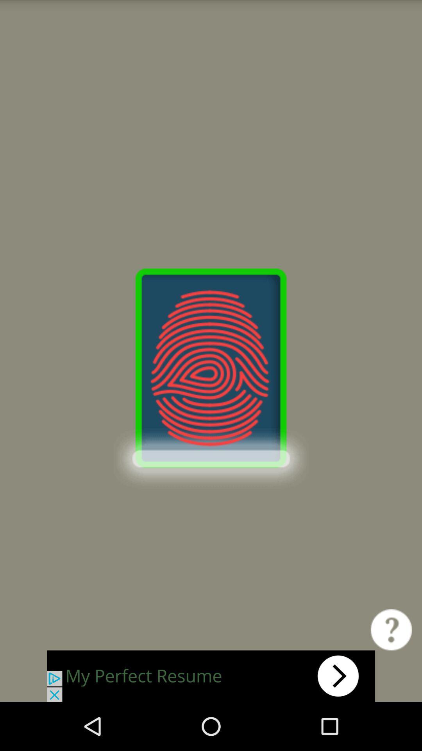 The width and height of the screenshot is (422, 751). I want to click on see advertisement, so click(211, 676).